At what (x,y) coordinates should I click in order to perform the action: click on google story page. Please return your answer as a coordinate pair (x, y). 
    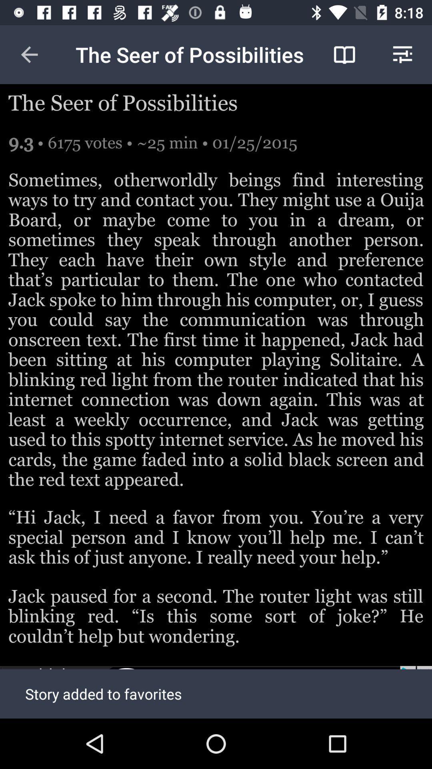
    Looking at the image, I should click on (216, 692).